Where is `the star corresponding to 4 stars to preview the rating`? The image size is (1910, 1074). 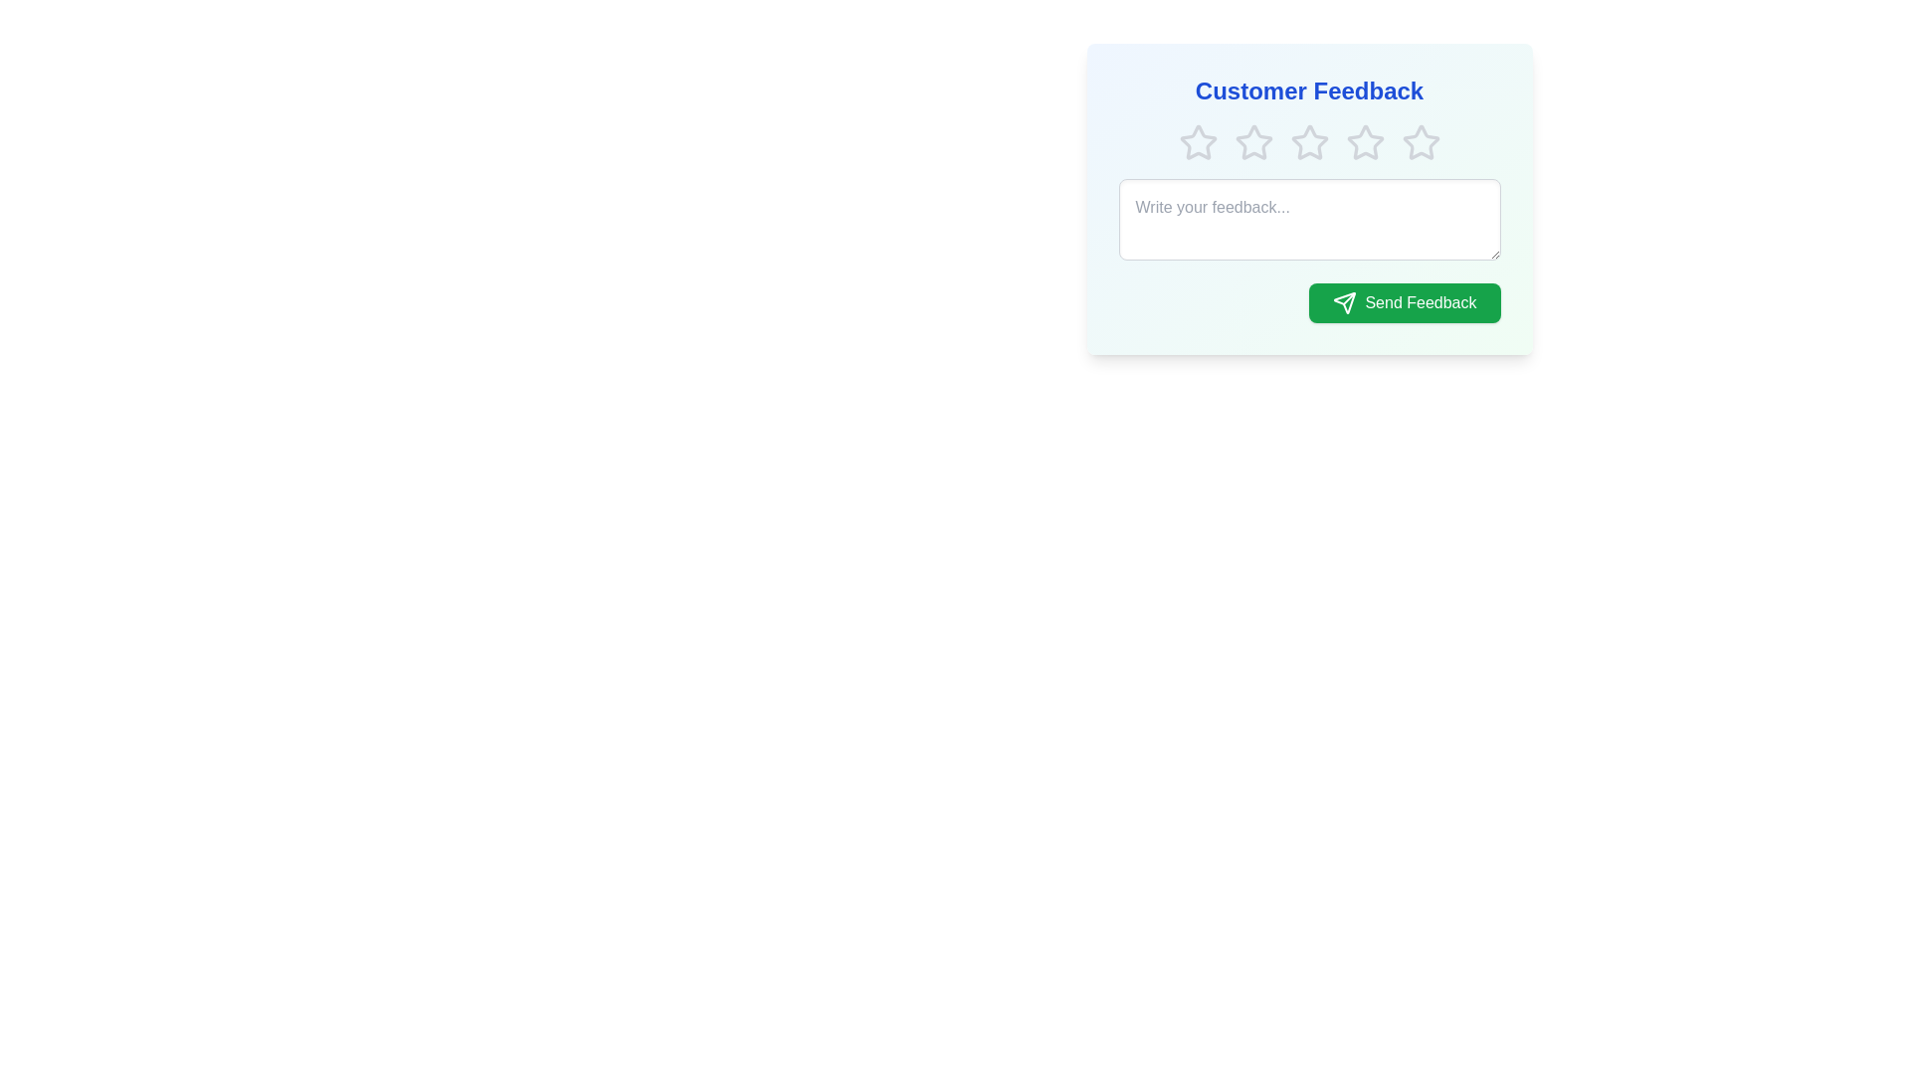 the star corresponding to 4 stars to preview the rating is located at coordinates (1364, 141).